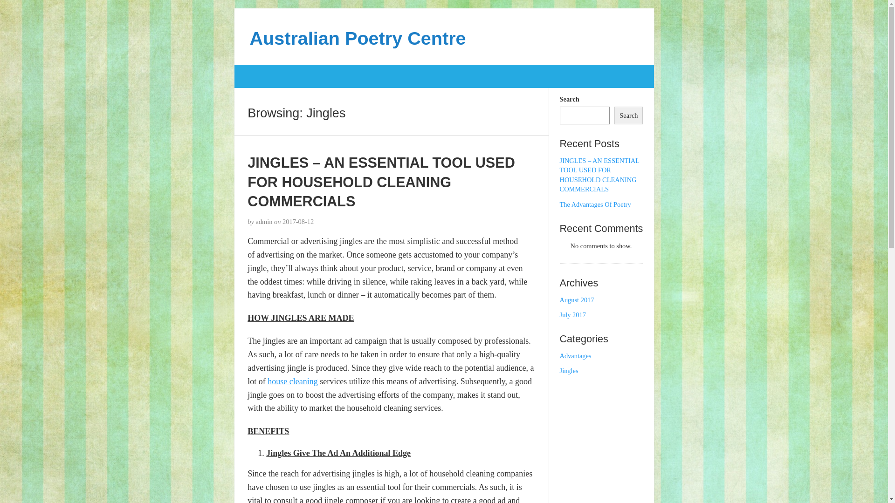 This screenshot has width=895, height=503. What do you see at coordinates (568, 370) in the screenshot?
I see `'Jingles'` at bounding box center [568, 370].